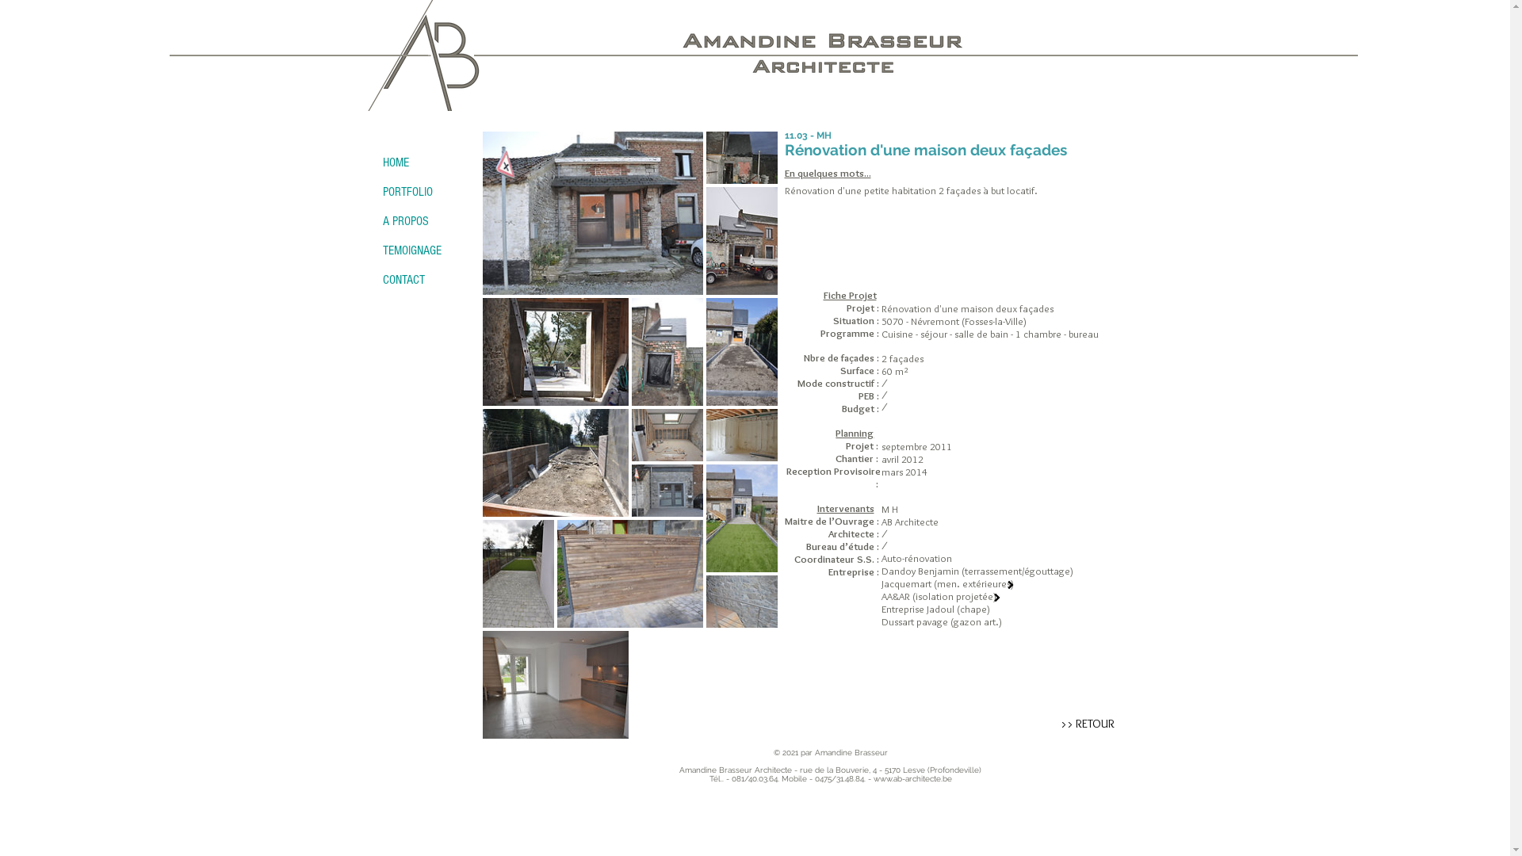 This screenshot has height=856, width=1522. I want to click on 'CONTACT', so click(369, 279).